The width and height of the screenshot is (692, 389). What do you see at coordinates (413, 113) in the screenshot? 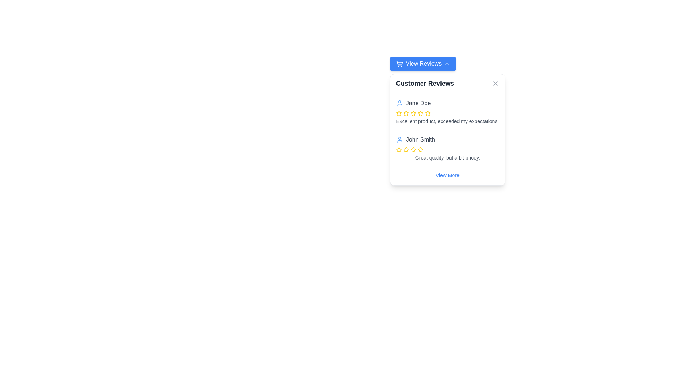
I see `the third star icon in the rating system for 'Jane Doe's review entry under the 'Customer Reviews' section` at bounding box center [413, 113].